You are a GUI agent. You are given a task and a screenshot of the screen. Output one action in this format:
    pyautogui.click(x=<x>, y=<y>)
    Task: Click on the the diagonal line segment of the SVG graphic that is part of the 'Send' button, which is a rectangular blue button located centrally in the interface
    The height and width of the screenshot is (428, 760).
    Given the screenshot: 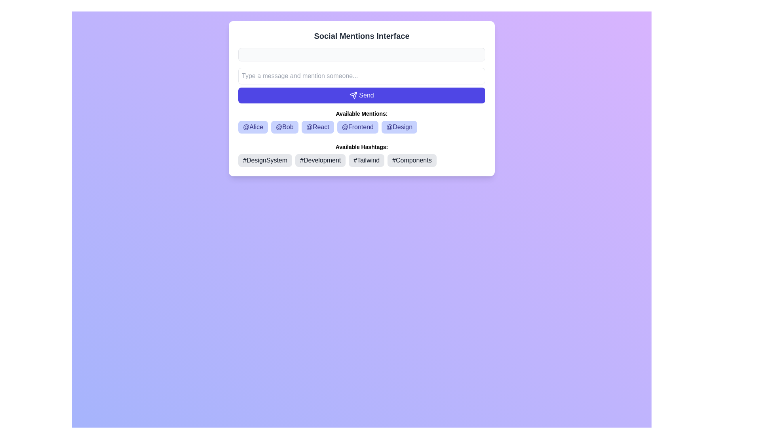 What is the action you would take?
    pyautogui.click(x=355, y=94)
    